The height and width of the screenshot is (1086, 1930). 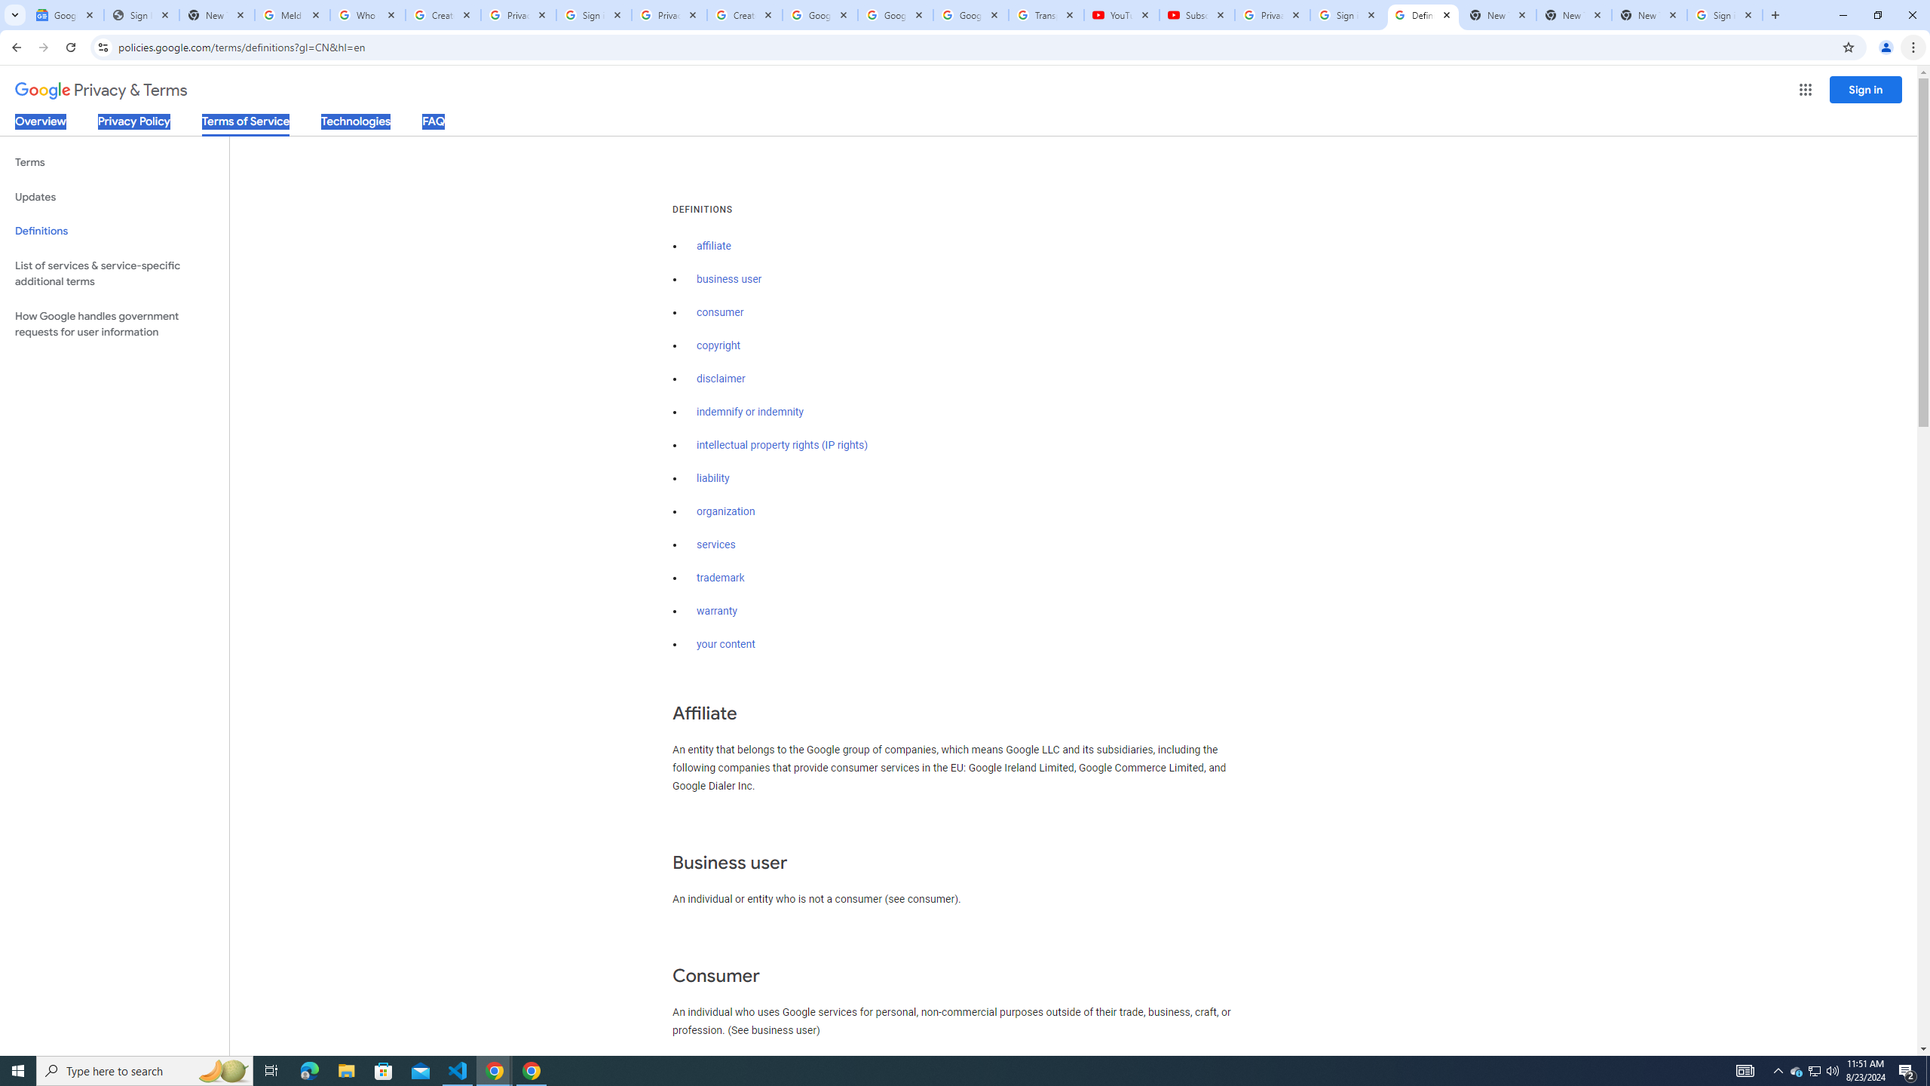 What do you see at coordinates (970, 14) in the screenshot?
I see `'Google Account'` at bounding box center [970, 14].